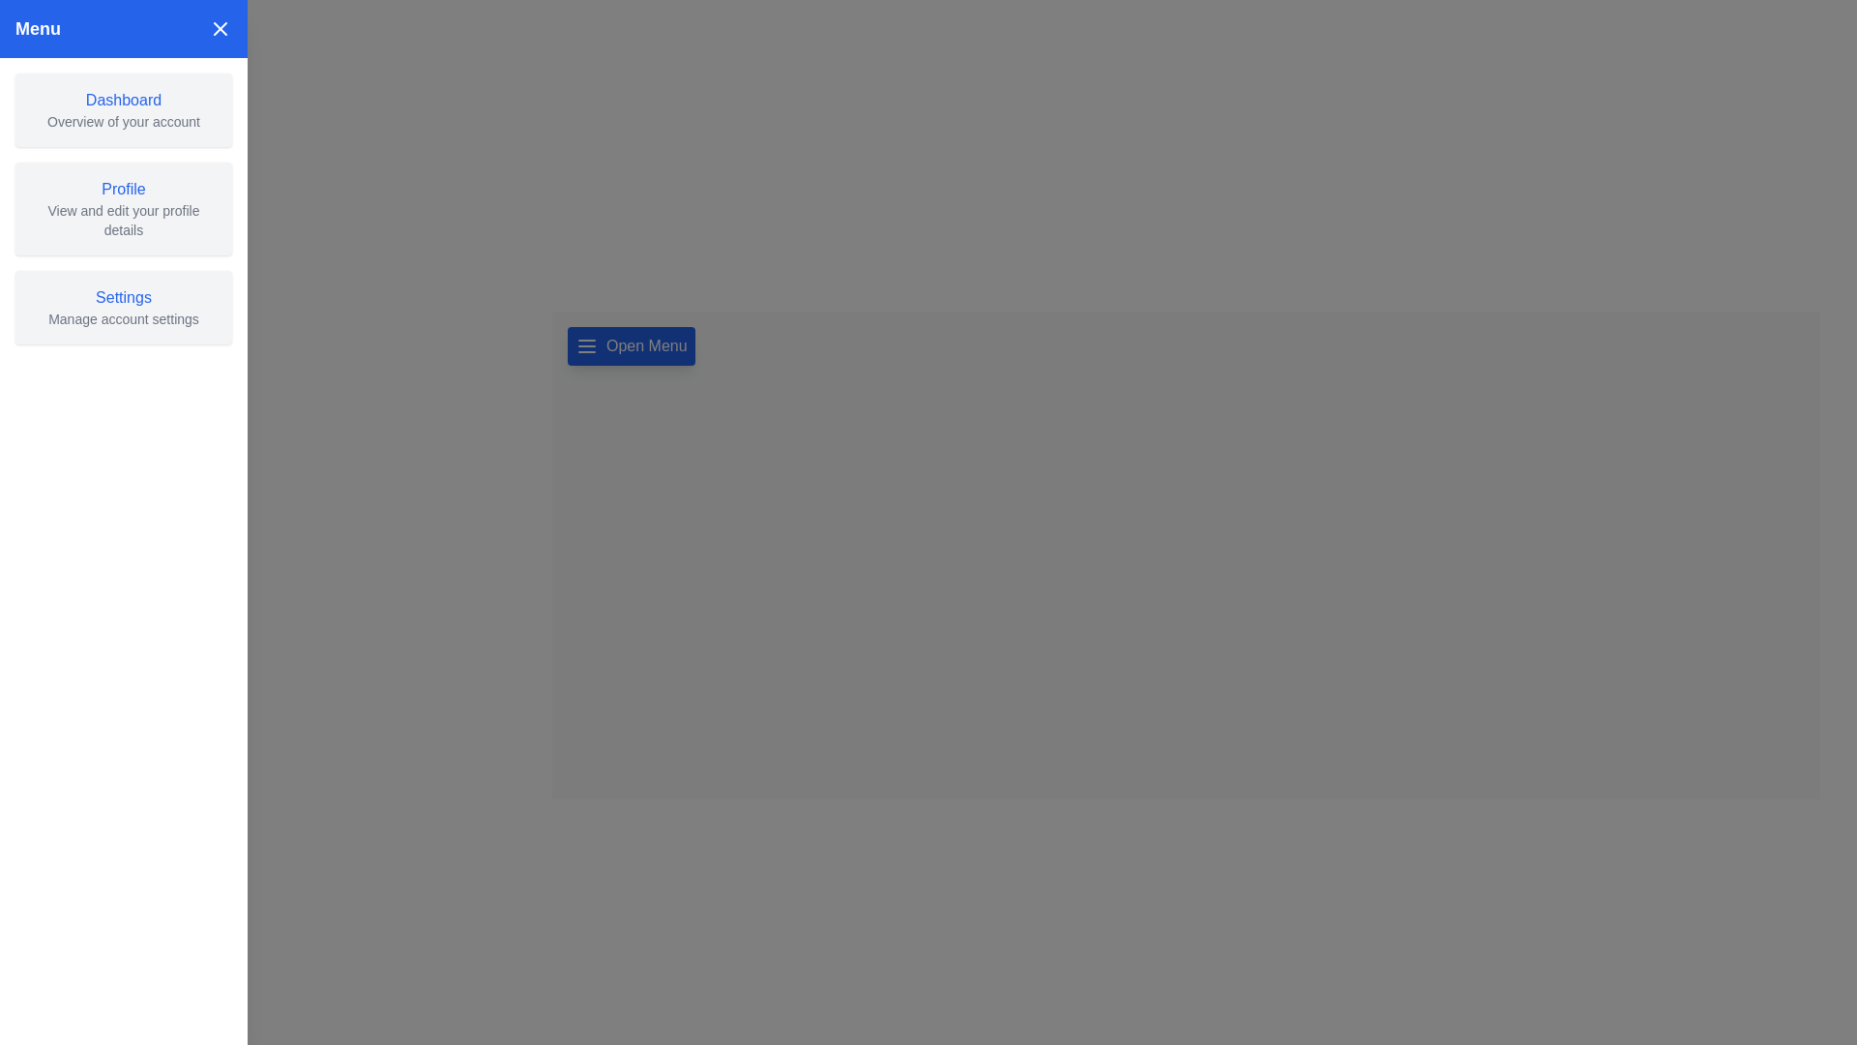  Describe the element at coordinates (38, 29) in the screenshot. I see `the 'Menu' text label that is displayed in a large, bold font with white color on a blue background, positioned near the top-left corner of the interface` at that location.